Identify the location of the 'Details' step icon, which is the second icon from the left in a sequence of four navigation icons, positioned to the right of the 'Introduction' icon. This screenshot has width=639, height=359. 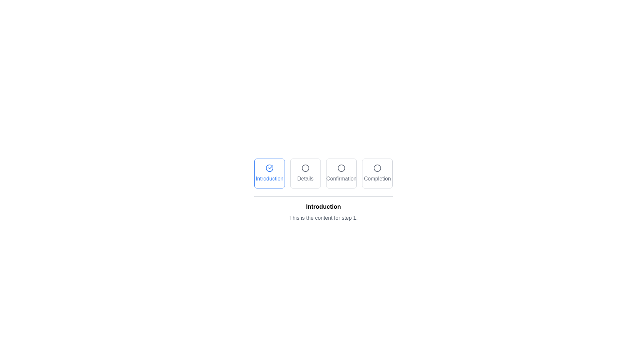
(305, 168).